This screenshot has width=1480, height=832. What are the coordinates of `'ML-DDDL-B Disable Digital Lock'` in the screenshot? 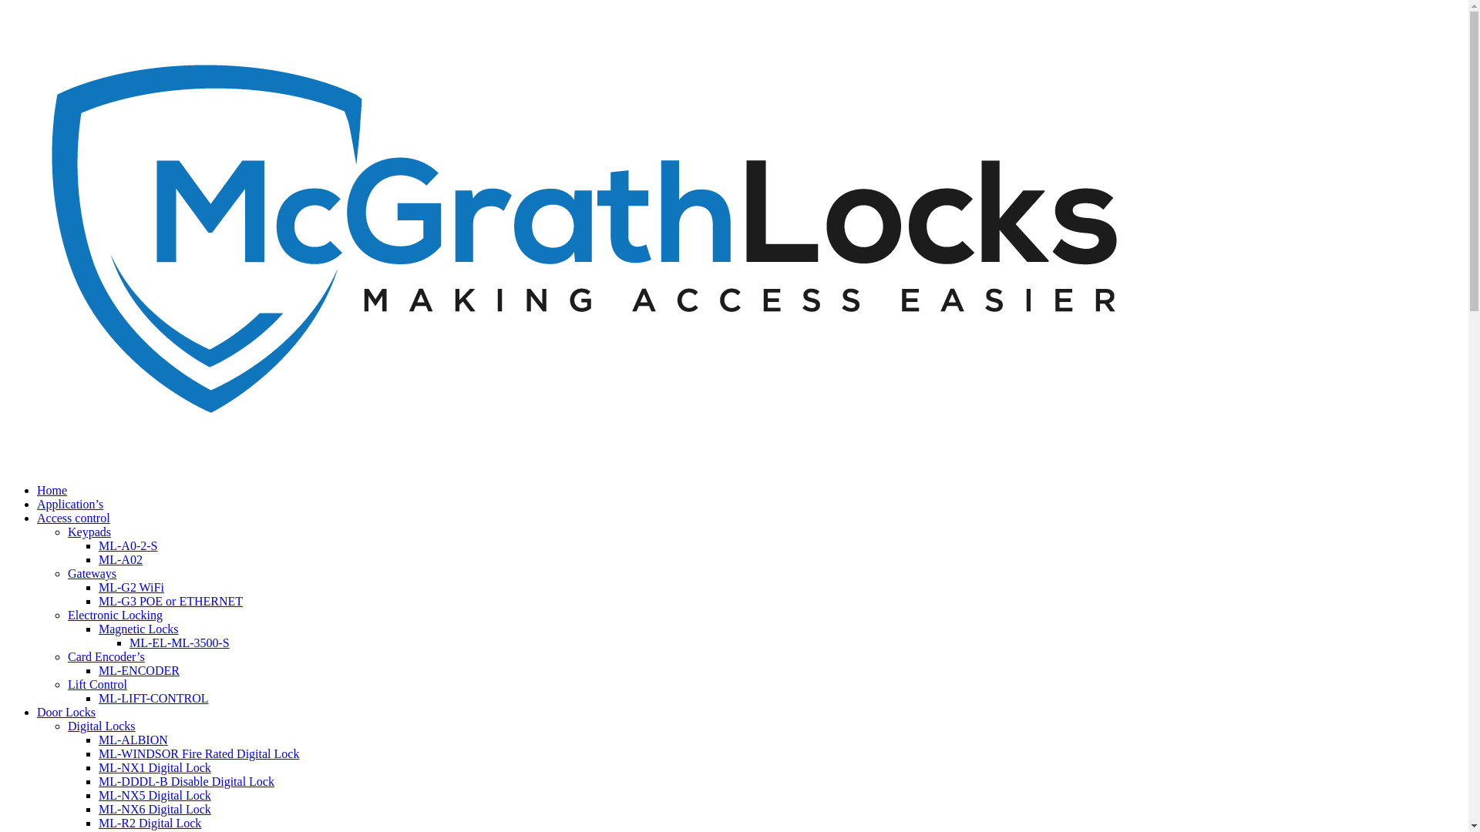 It's located at (98, 781).